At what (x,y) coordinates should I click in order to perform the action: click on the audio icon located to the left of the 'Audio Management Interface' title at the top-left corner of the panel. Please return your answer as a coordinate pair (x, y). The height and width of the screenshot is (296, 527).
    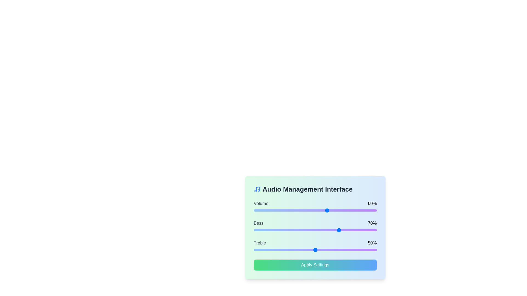
    Looking at the image, I should click on (257, 189).